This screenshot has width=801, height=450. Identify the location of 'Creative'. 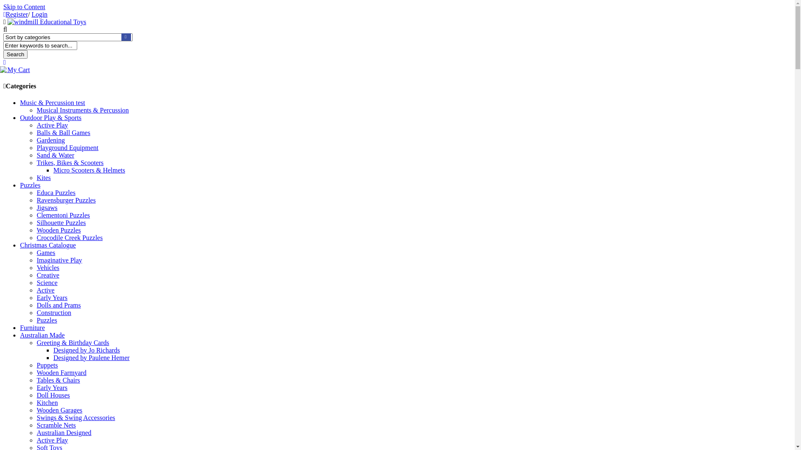
(48, 275).